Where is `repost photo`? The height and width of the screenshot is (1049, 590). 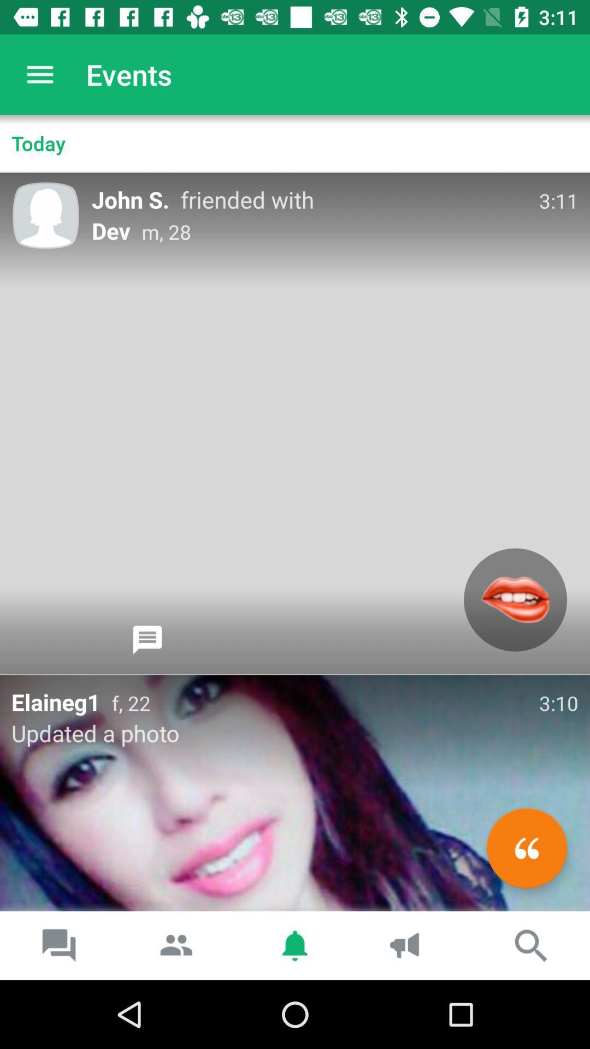
repost photo is located at coordinates (526, 847).